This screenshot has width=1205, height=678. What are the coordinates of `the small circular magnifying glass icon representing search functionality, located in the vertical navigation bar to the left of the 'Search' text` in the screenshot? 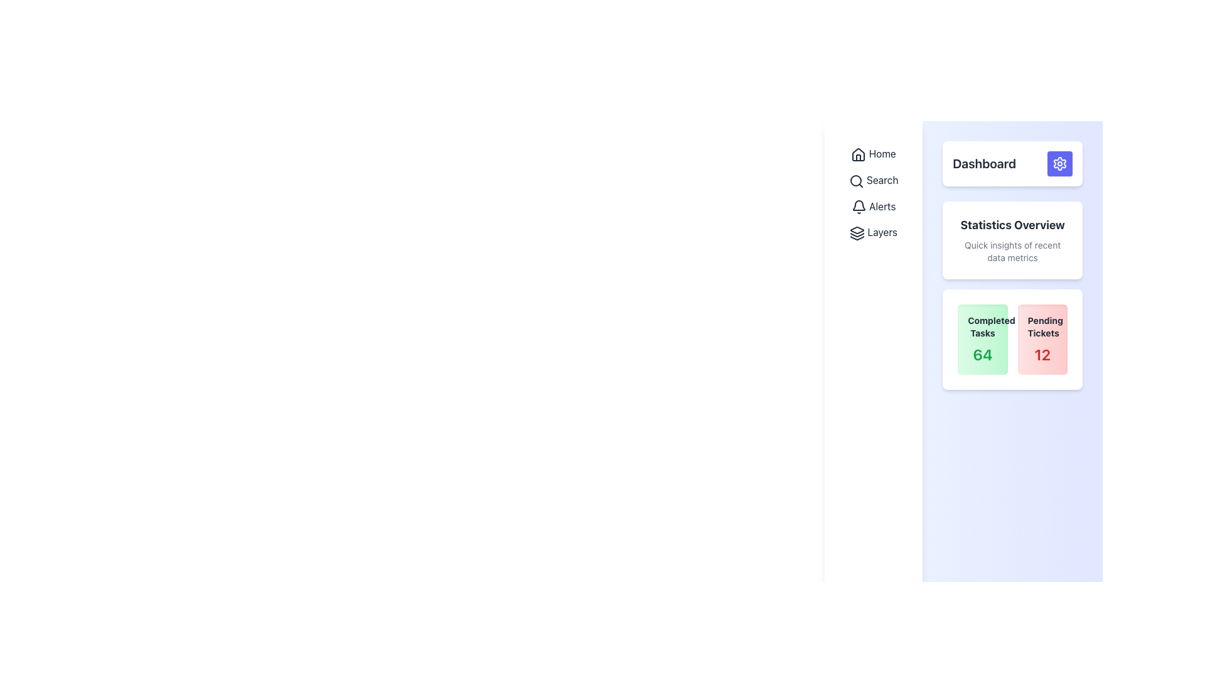 It's located at (855, 181).